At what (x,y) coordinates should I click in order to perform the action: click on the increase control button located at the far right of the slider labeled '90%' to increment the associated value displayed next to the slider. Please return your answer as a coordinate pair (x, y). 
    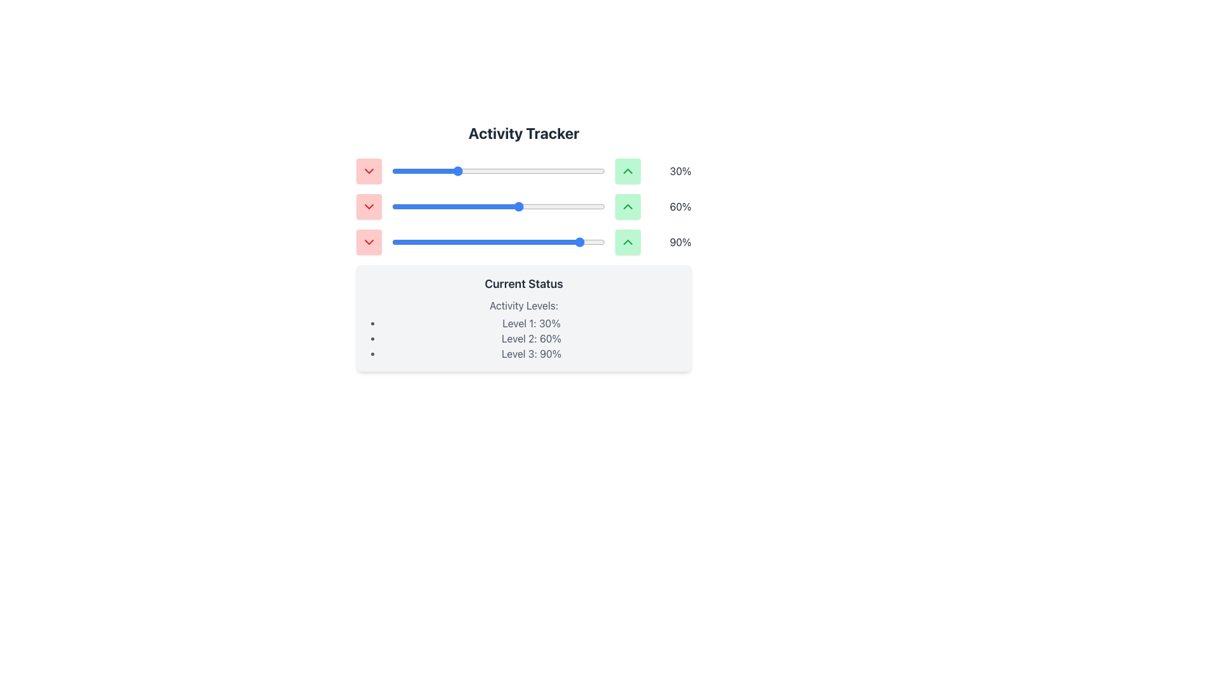
    Looking at the image, I should click on (627, 242).